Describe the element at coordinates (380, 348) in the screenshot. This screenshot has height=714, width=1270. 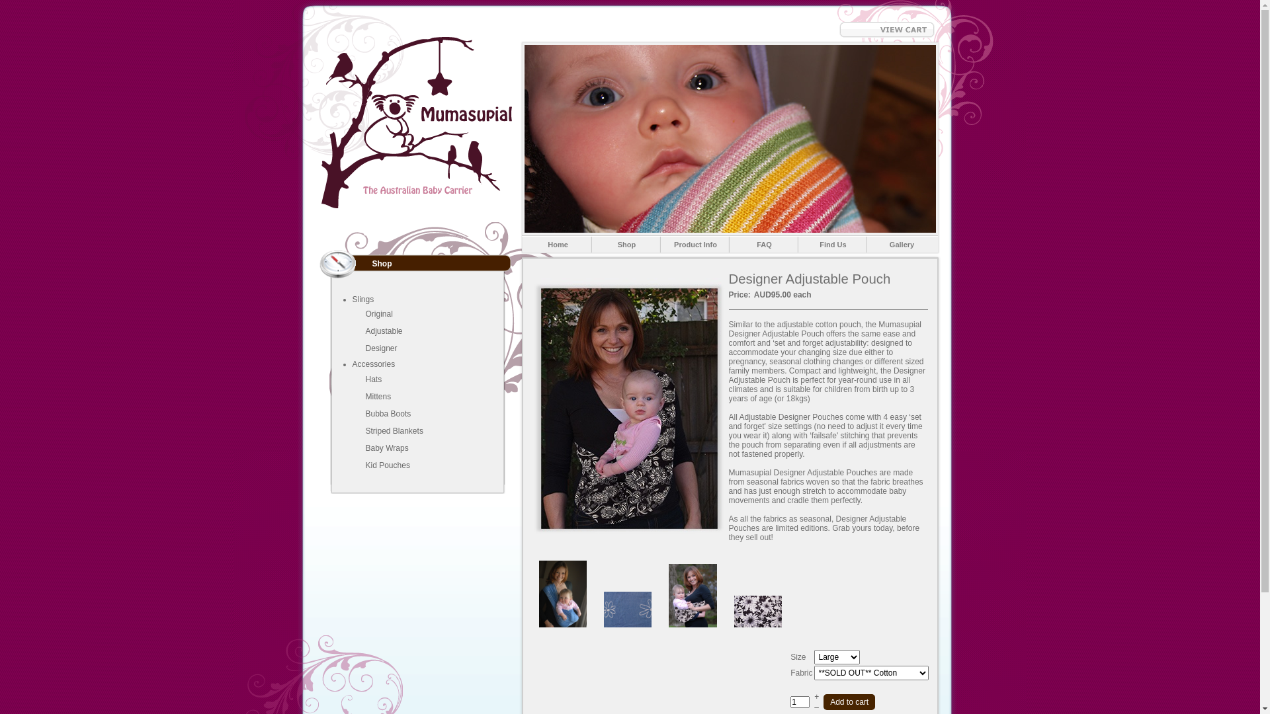
I see `'Designer'` at that location.